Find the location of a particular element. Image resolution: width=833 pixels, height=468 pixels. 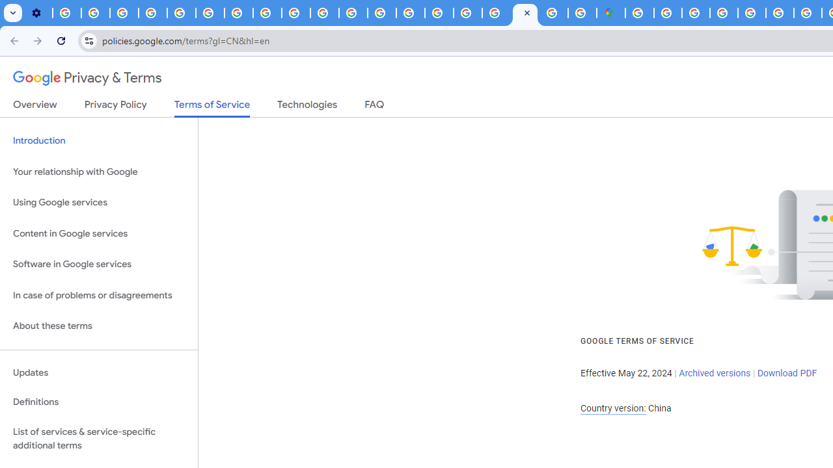

'Privacy Help Center - Policies Help' is located at coordinates (381, 13).